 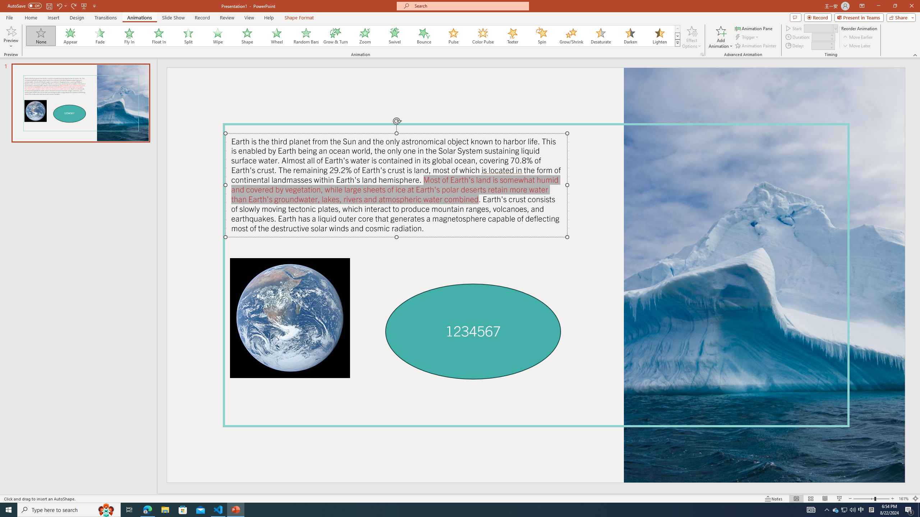 I want to click on 'Appear', so click(x=70, y=36).